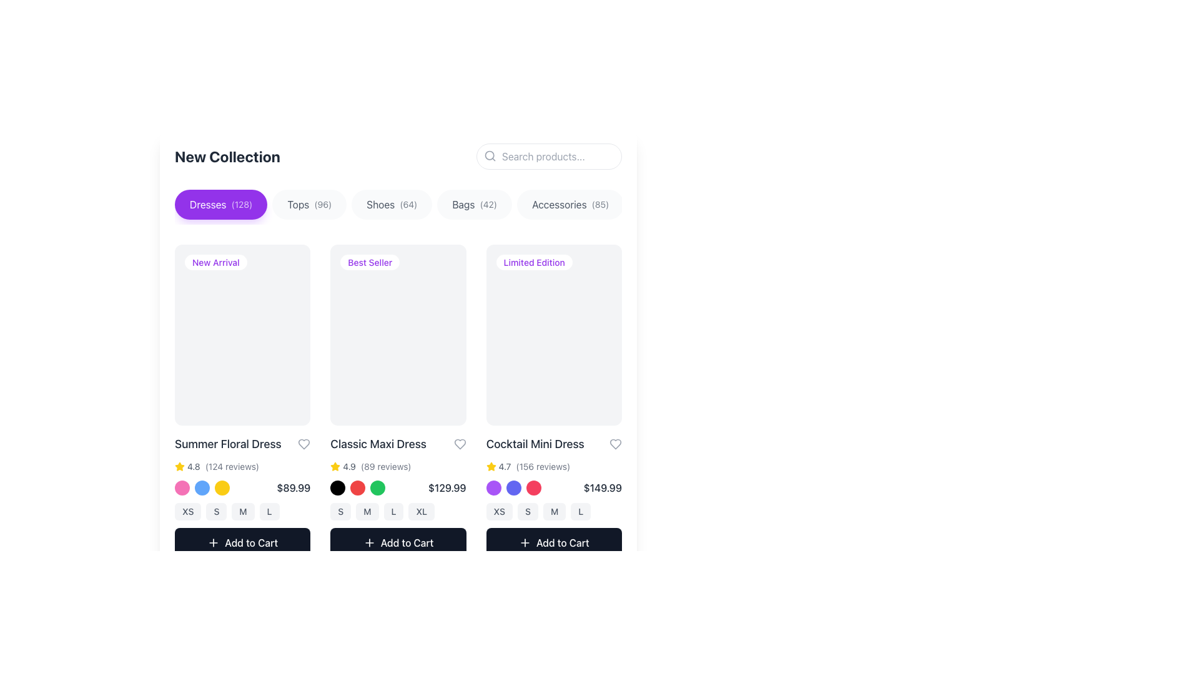 This screenshot has width=1199, height=674. Describe the element at coordinates (243, 511) in the screenshot. I see `the 'M' size selection button, which is the third button from the left in a group of four buttons labeled 'XS', 'S', 'M', and 'L'` at that location.